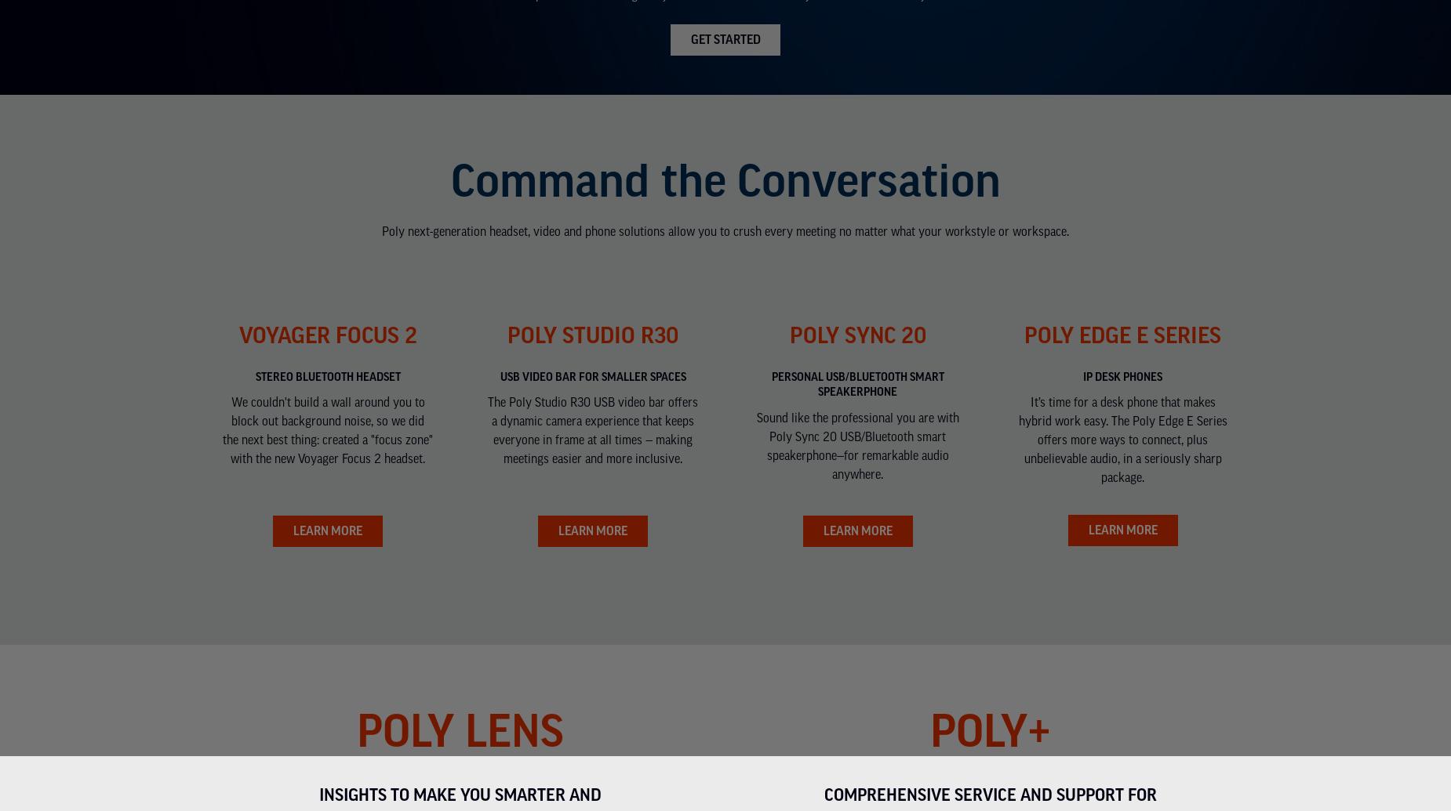  Describe the element at coordinates (928, 727) in the screenshot. I see `'Poly+'` at that location.